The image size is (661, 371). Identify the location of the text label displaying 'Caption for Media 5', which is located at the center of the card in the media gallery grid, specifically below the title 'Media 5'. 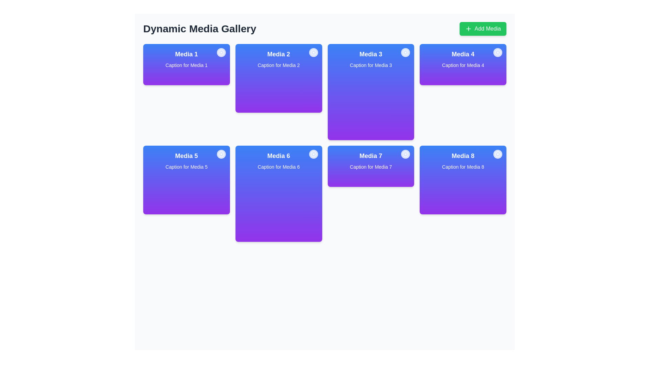
(186, 167).